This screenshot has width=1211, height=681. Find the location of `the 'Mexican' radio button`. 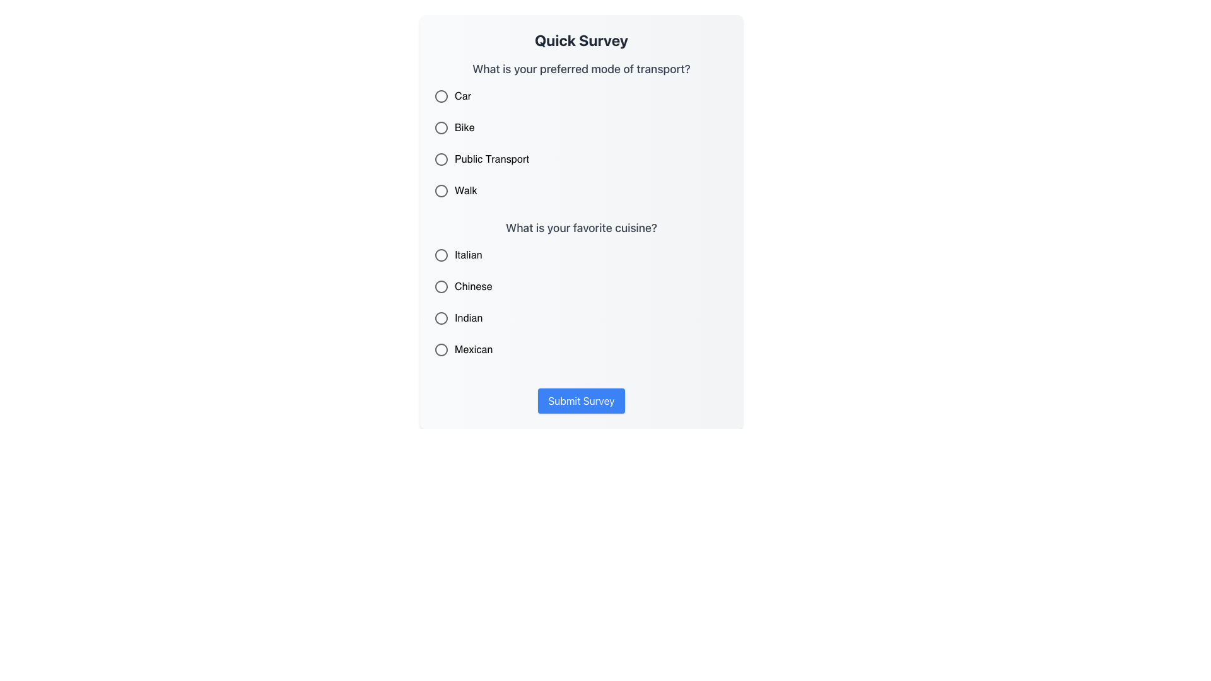

the 'Mexican' radio button is located at coordinates (572, 350).